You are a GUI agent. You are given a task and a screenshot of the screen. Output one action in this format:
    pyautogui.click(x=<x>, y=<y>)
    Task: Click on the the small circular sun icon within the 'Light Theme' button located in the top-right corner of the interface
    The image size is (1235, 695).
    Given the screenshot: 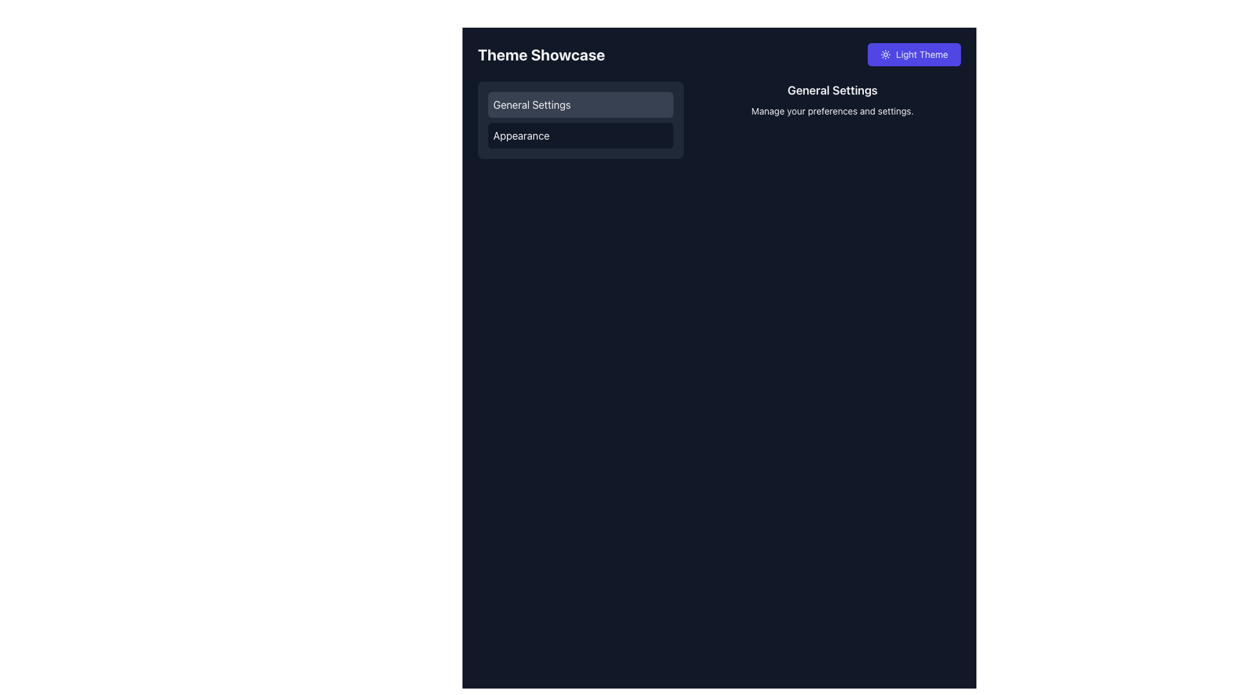 What is the action you would take?
    pyautogui.click(x=885, y=53)
    